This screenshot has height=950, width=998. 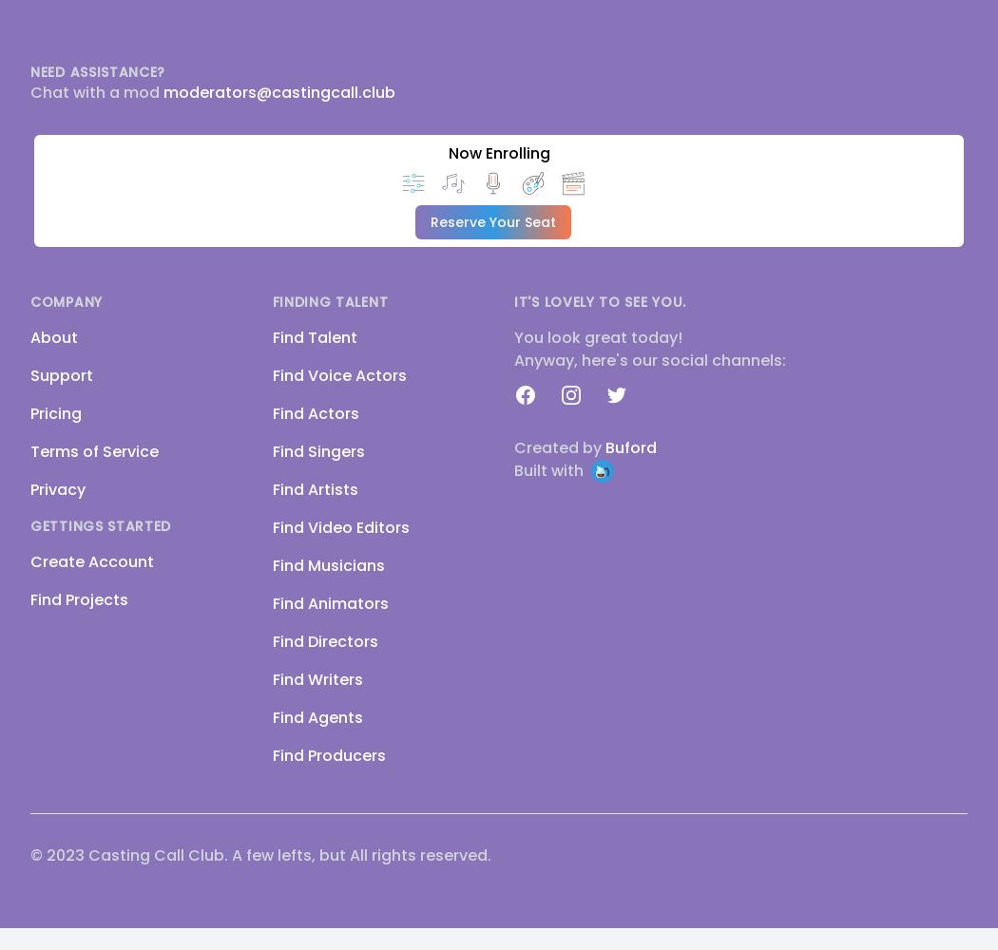 I want to click on 'Find Directors', so click(x=323, y=641).